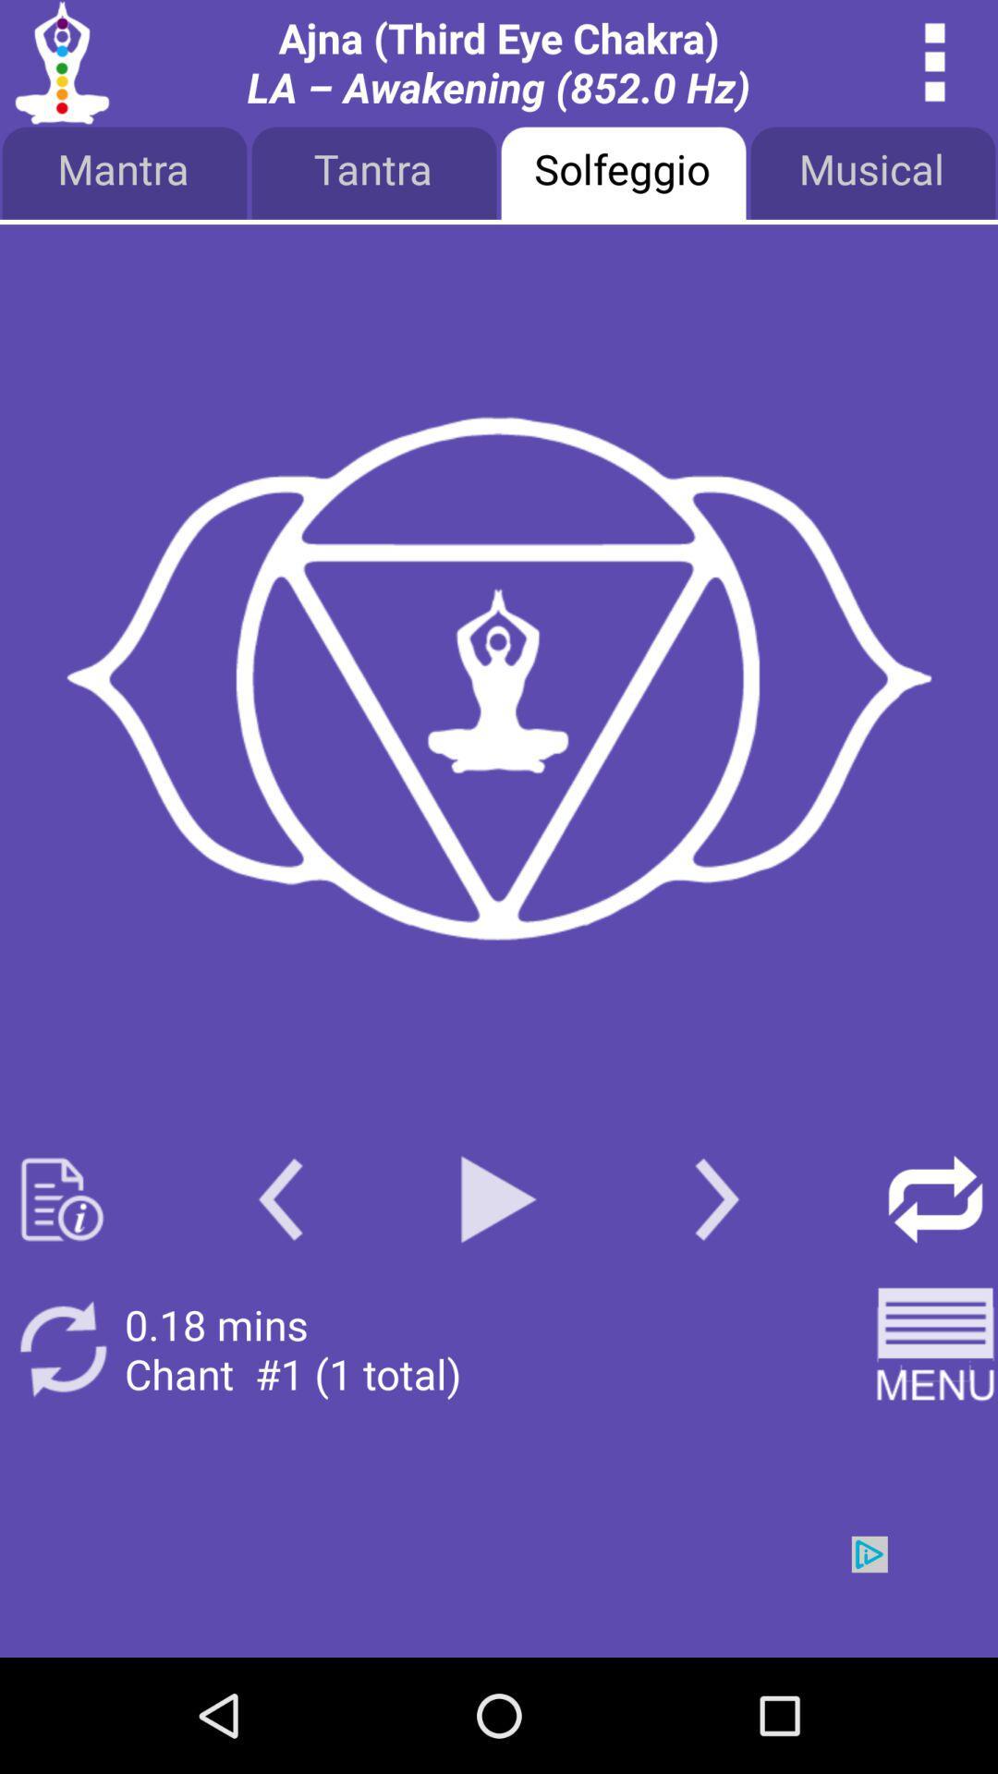  What do you see at coordinates (716, 1199) in the screenshot?
I see `the next` at bounding box center [716, 1199].